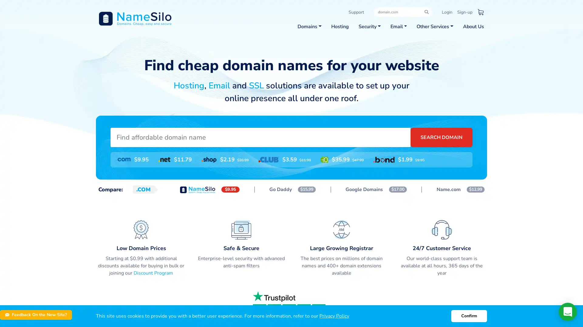 This screenshot has width=583, height=327. Describe the element at coordinates (469, 316) in the screenshot. I see `Confirm` at that location.